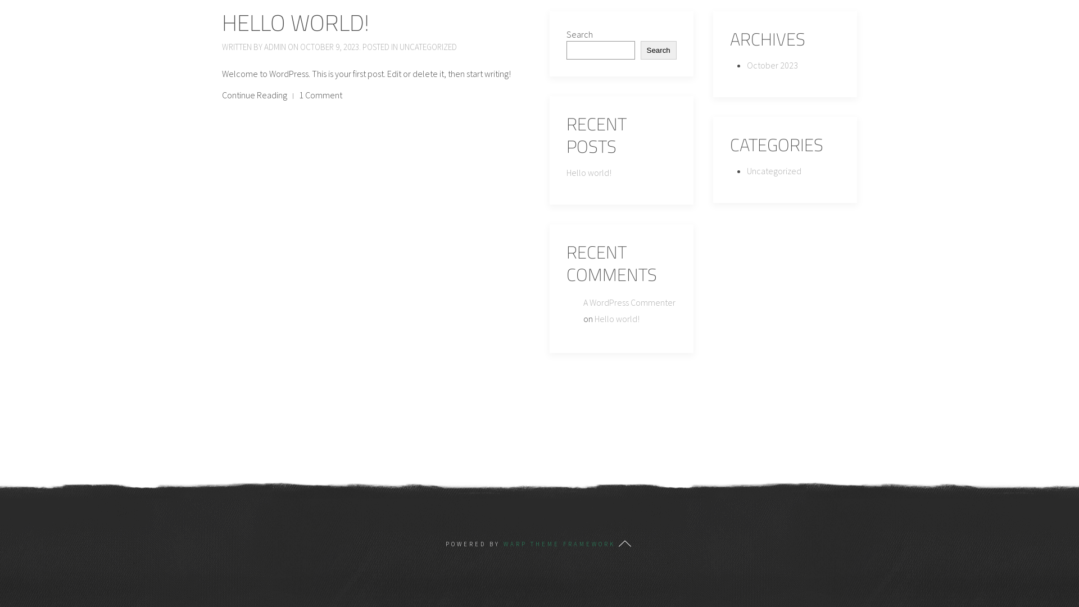 The height and width of the screenshot is (607, 1079). I want to click on 'UNCATEGORIZED', so click(428, 46).